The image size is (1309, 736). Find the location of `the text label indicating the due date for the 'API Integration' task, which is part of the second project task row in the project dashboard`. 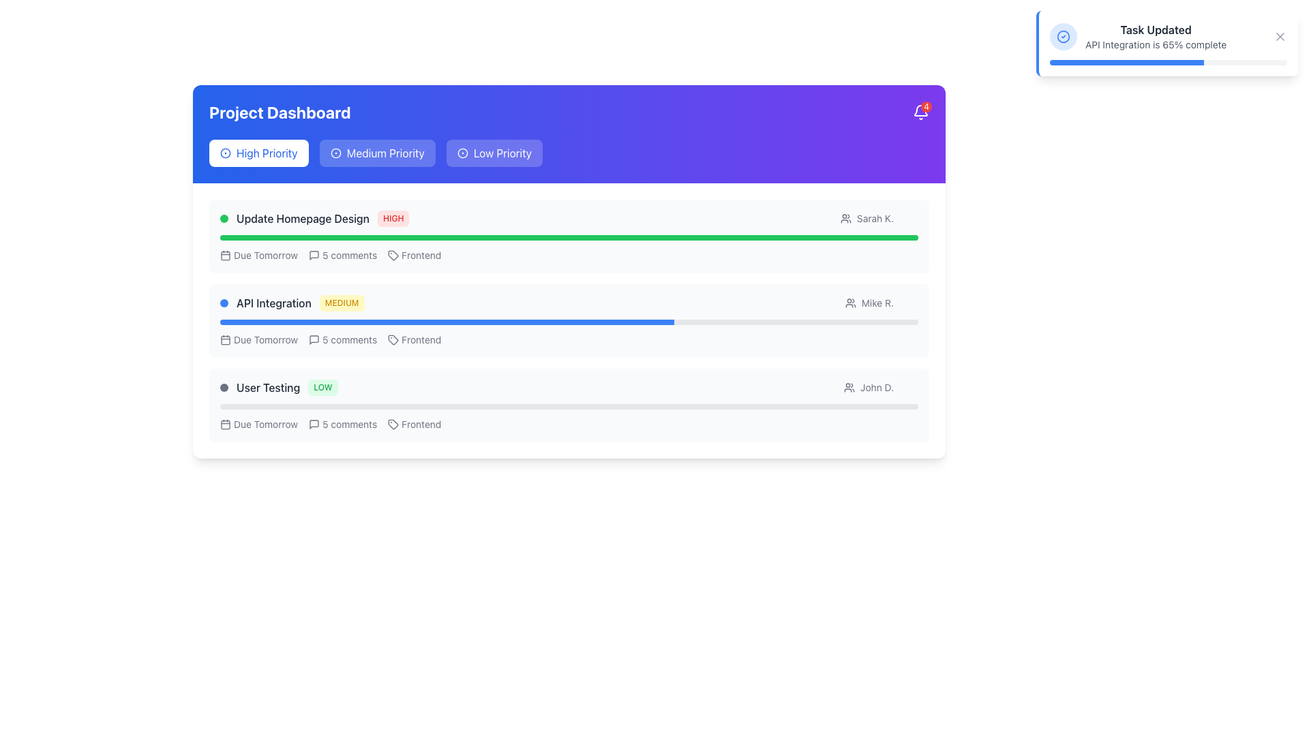

the text label indicating the due date for the 'API Integration' task, which is part of the second project task row in the project dashboard is located at coordinates (266, 339).